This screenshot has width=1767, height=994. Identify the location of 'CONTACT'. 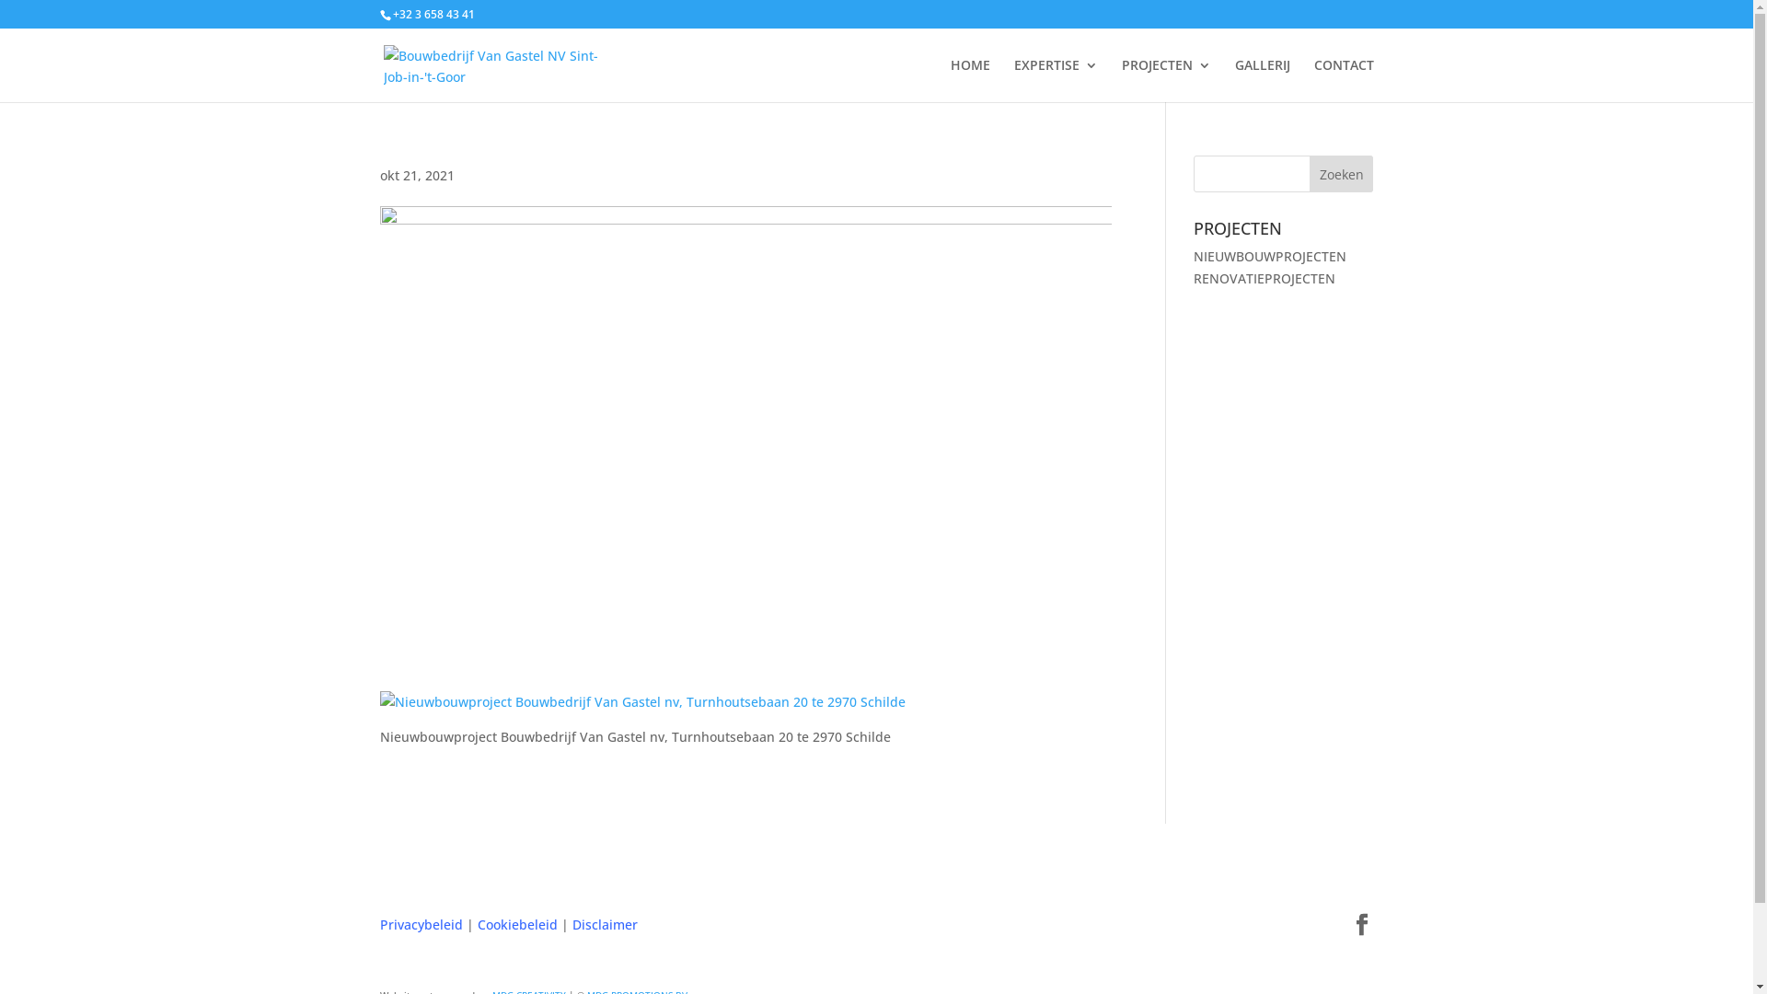
(1344, 79).